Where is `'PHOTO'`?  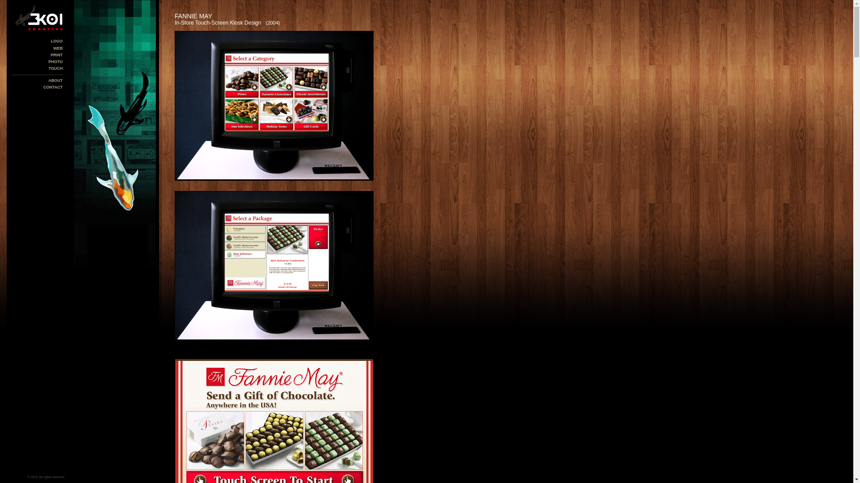 'PHOTO' is located at coordinates (55, 61).